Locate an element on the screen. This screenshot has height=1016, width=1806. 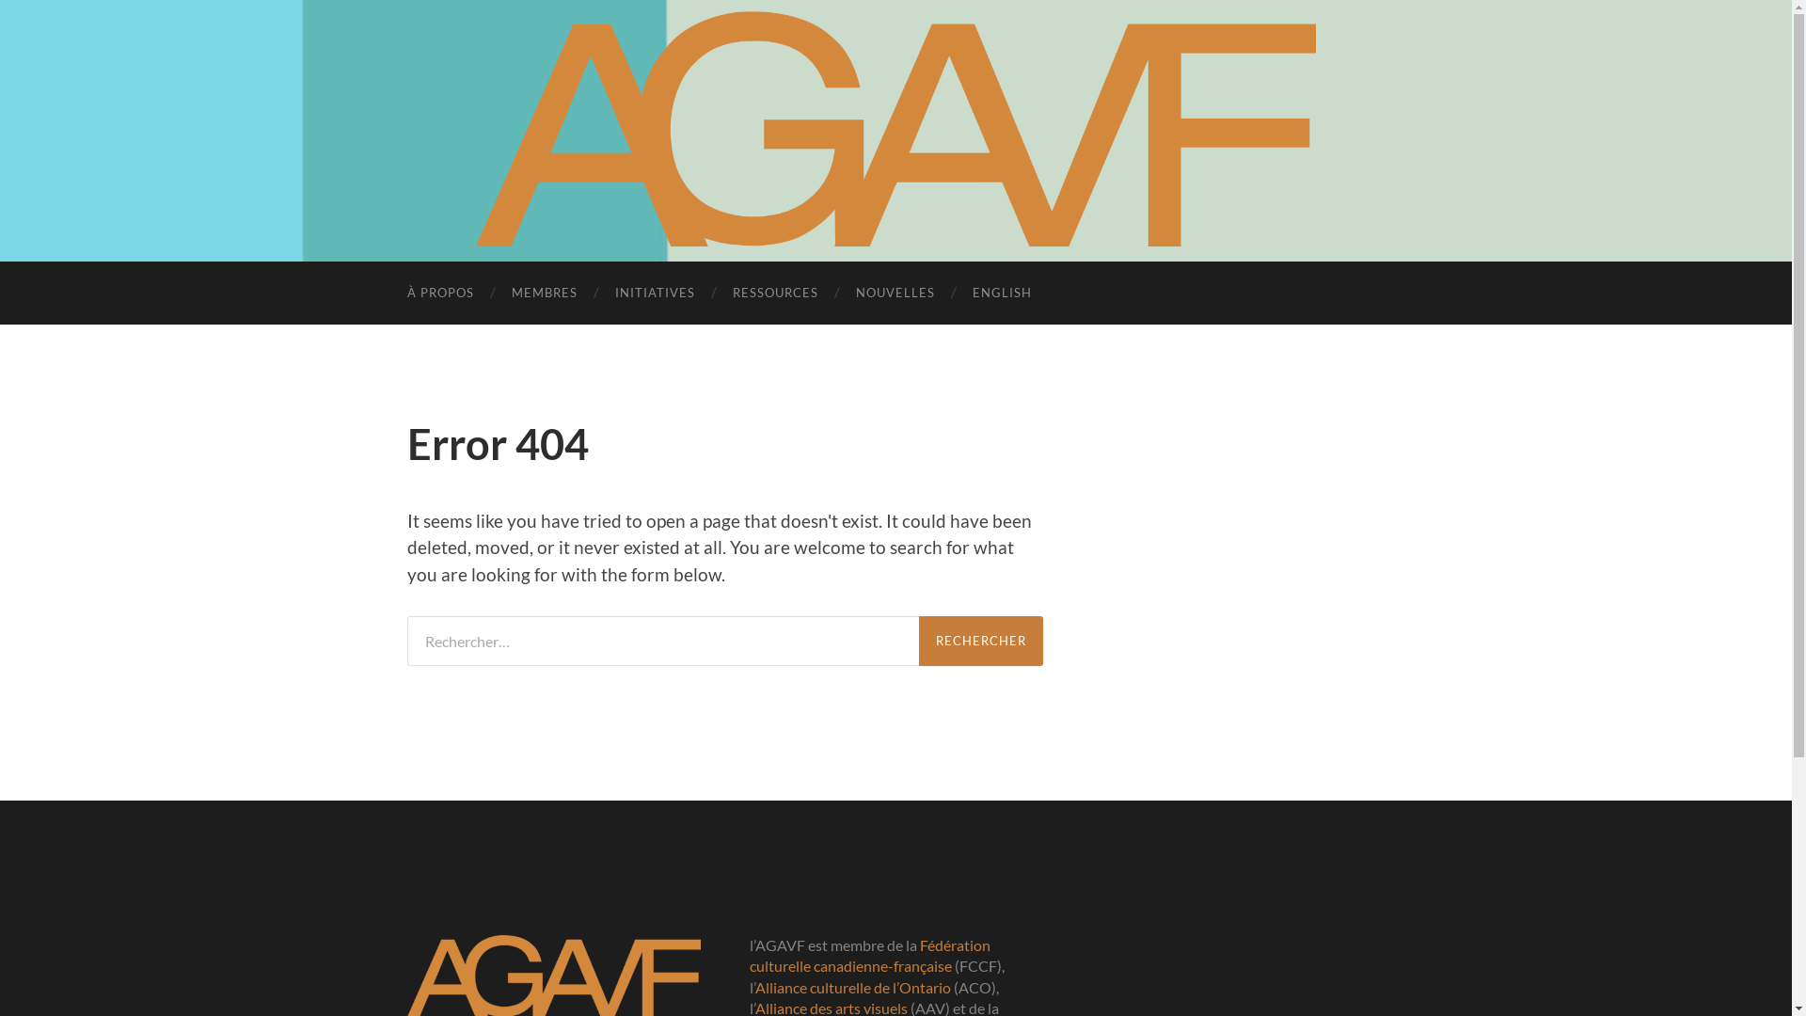
'MEMBRES' is located at coordinates (544, 293).